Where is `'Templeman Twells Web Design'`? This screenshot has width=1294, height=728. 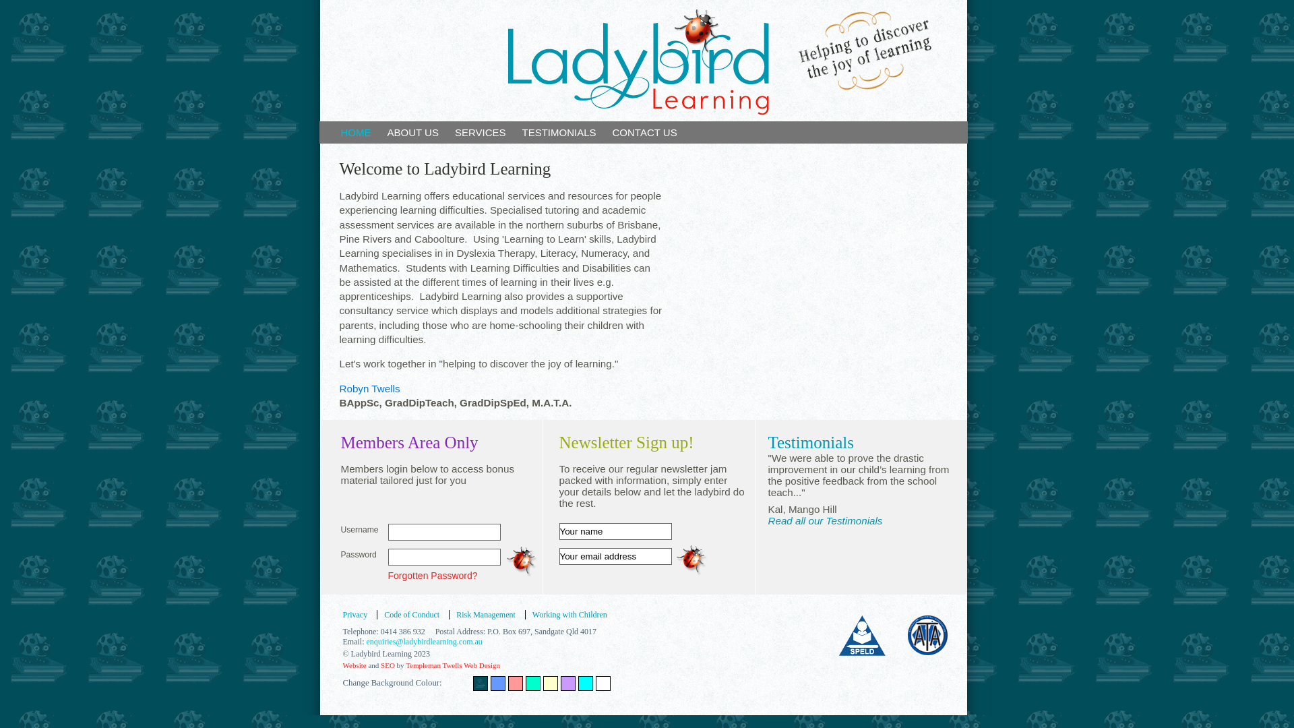 'Templeman Twells Web Design' is located at coordinates (453, 665).